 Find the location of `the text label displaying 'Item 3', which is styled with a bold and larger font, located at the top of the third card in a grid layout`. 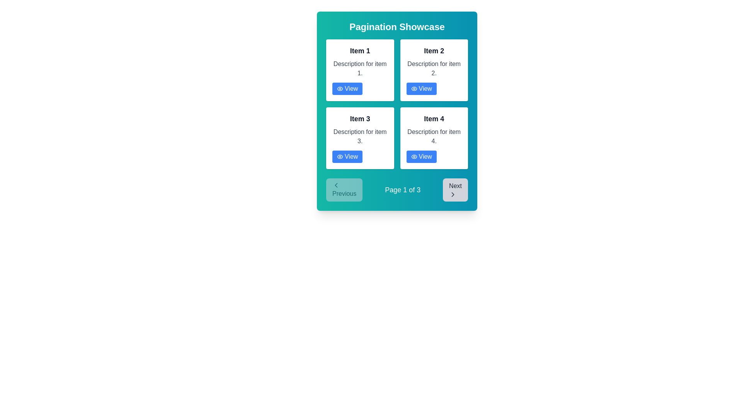

the text label displaying 'Item 3', which is styled with a bold and larger font, located at the top of the third card in a grid layout is located at coordinates (359, 119).